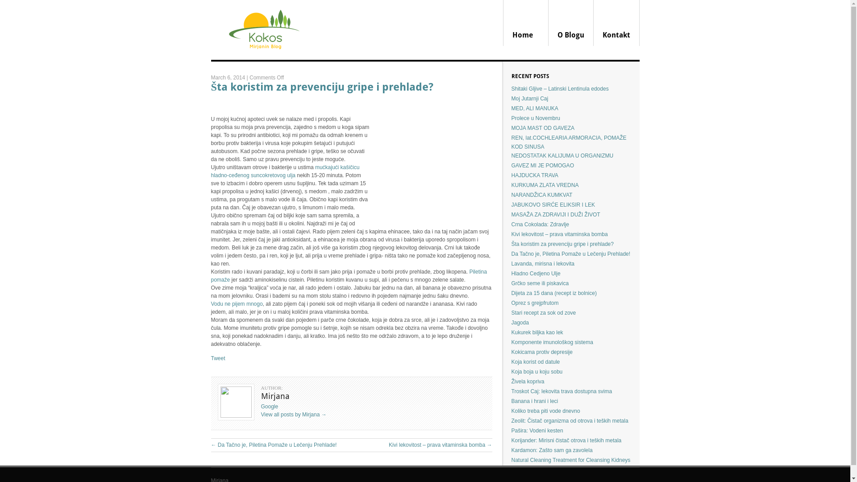 The image size is (857, 482). Describe the element at coordinates (535, 302) in the screenshot. I see `'Oprez s grejpfrutom'` at that location.